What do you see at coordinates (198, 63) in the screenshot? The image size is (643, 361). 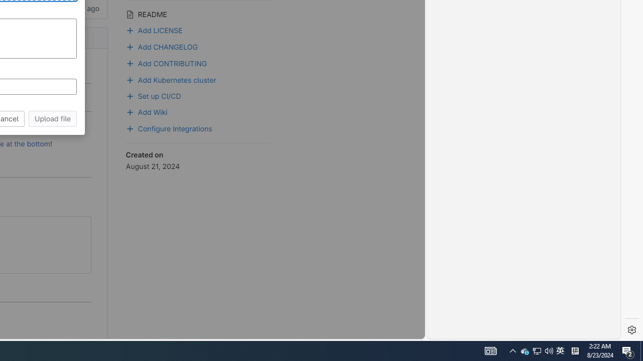 I see `'Add CONTRIBUTING'` at bounding box center [198, 63].